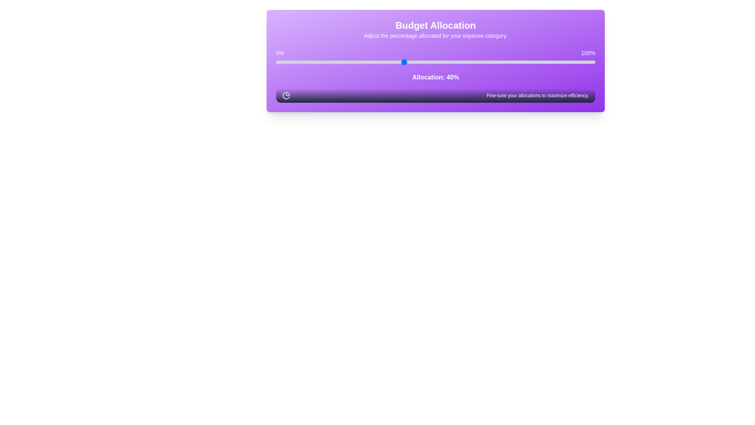  I want to click on the text label that reads 'Adjust the percentage allocated for your expense category.' which is located beneath the 'Budget Allocation' heading, so click(435, 36).